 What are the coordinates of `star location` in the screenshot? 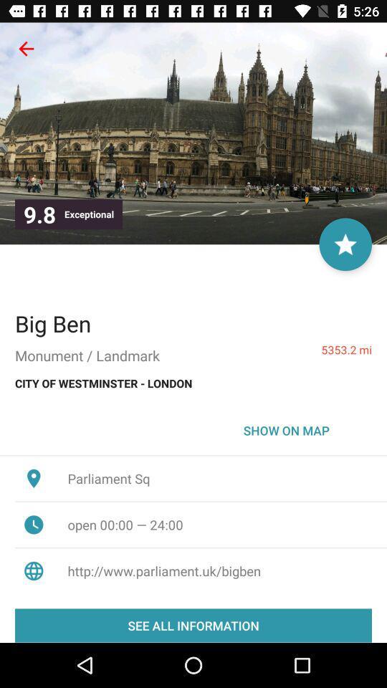 It's located at (345, 244).